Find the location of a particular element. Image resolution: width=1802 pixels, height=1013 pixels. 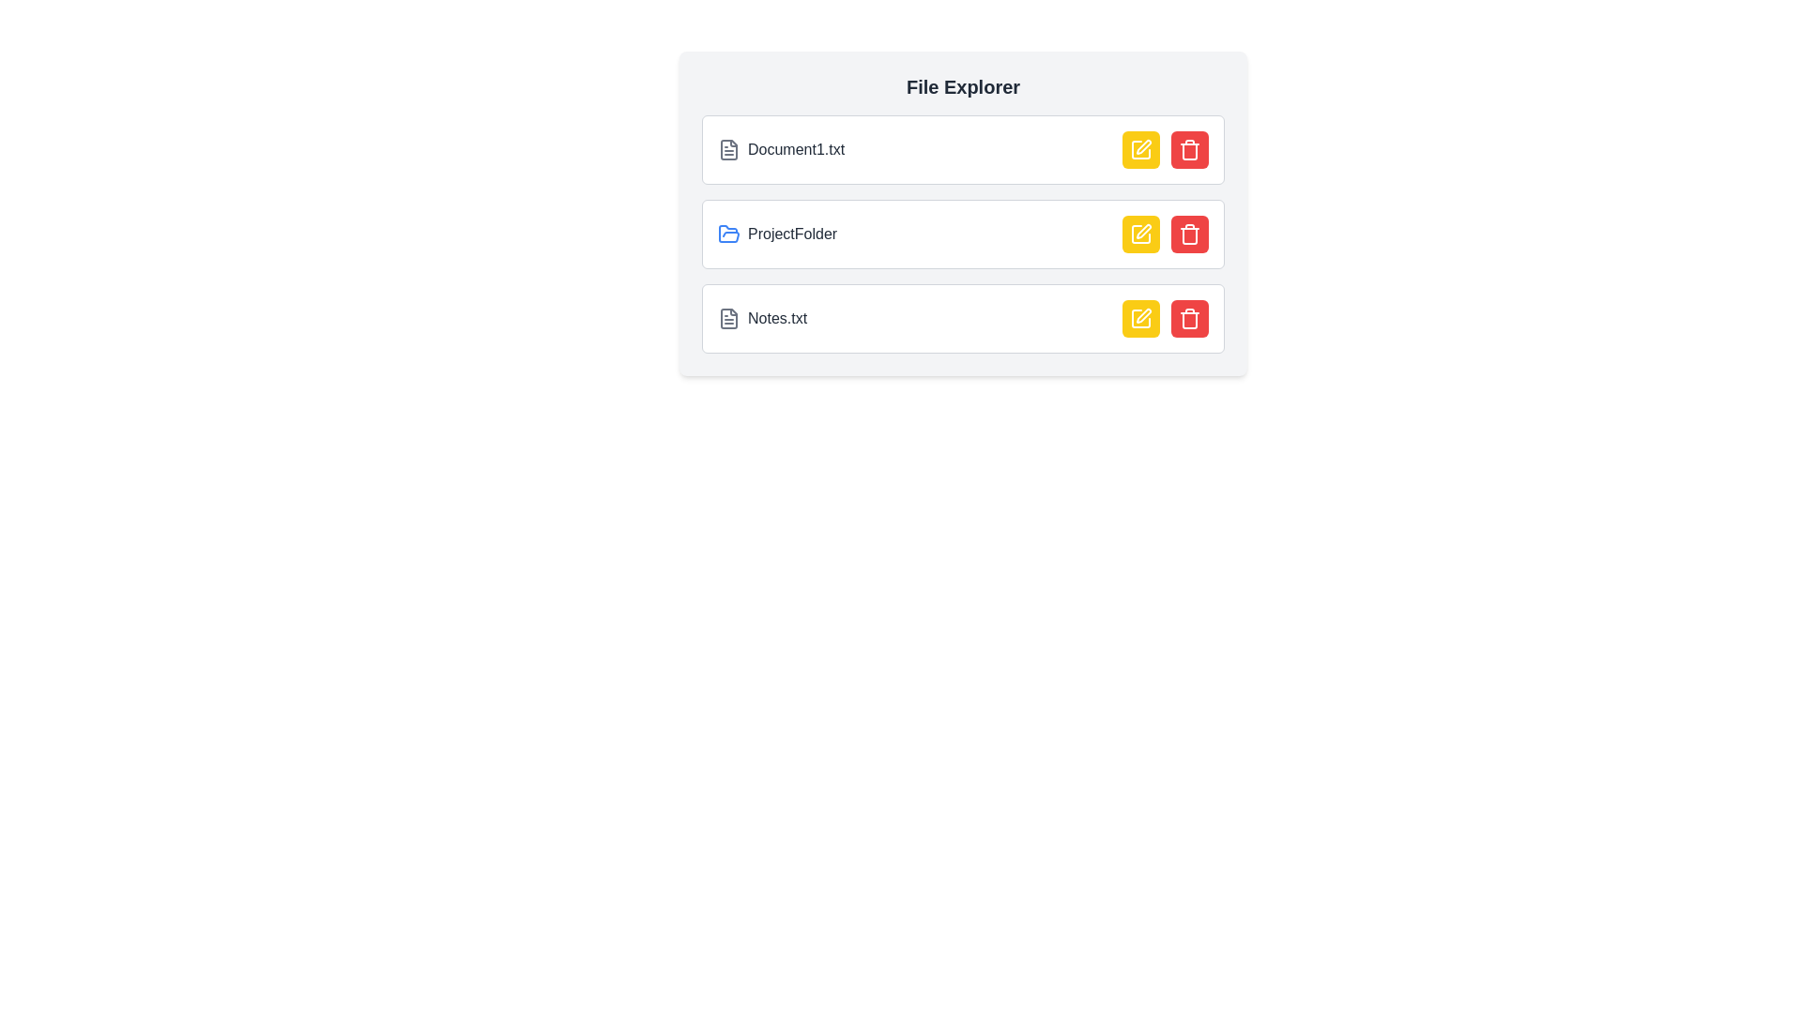

the trash can icon's structural curve element to observe tooltips or visual feedback is located at coordinates (1188, 320).